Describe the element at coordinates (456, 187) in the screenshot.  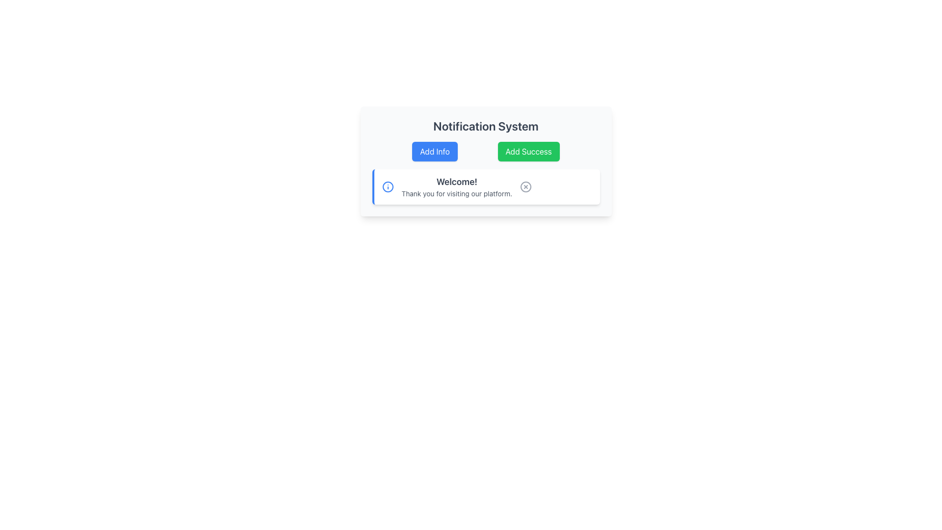
I see `the static text block that serves as a greeting within the notification card, which is centrally located between an informational icon and a close button` at that location.